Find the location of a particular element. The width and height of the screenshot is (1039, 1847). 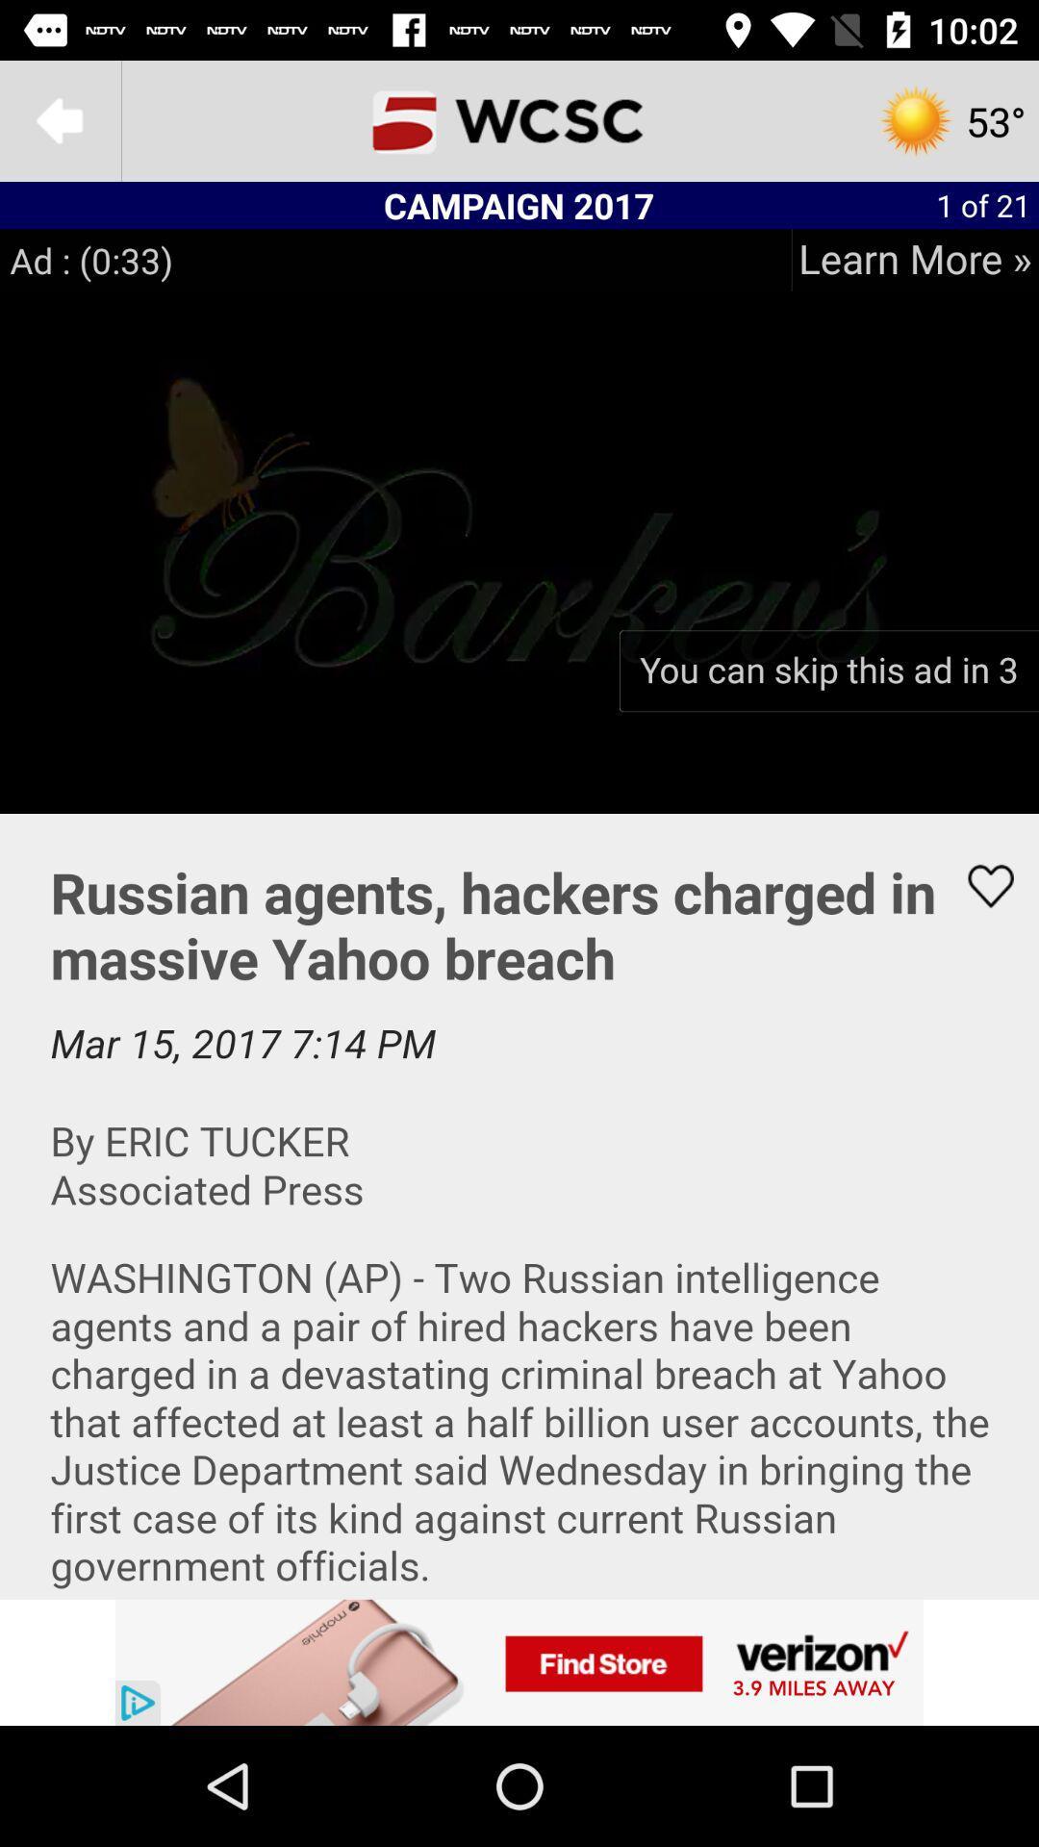

go back is located at coordinates (59, 119).